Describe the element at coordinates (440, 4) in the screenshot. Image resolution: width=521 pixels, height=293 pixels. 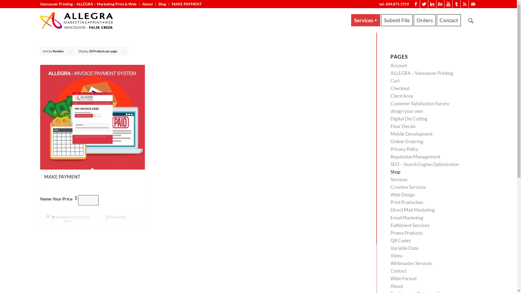
I see `'Behance'` at that location.